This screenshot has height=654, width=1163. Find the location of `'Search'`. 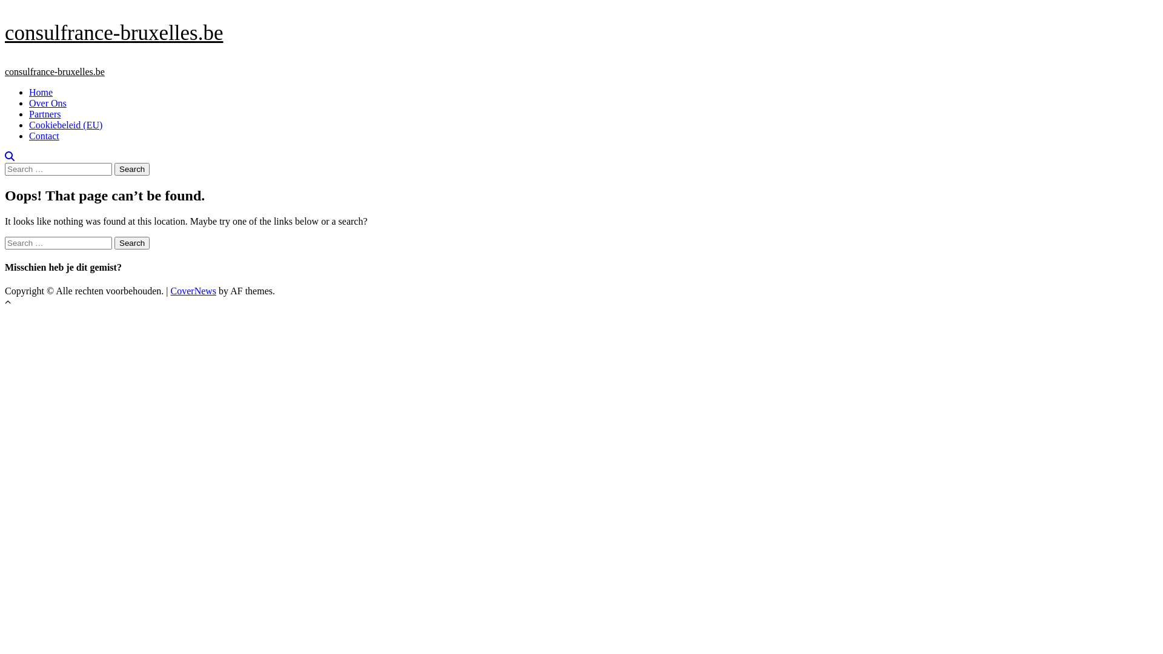

'Search' is located at coordinates (131, 169).